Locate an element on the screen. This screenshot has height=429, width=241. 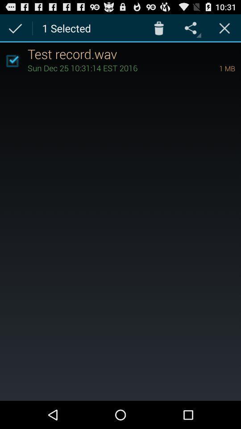
the test record.wav is located at coordinates (133, 54).